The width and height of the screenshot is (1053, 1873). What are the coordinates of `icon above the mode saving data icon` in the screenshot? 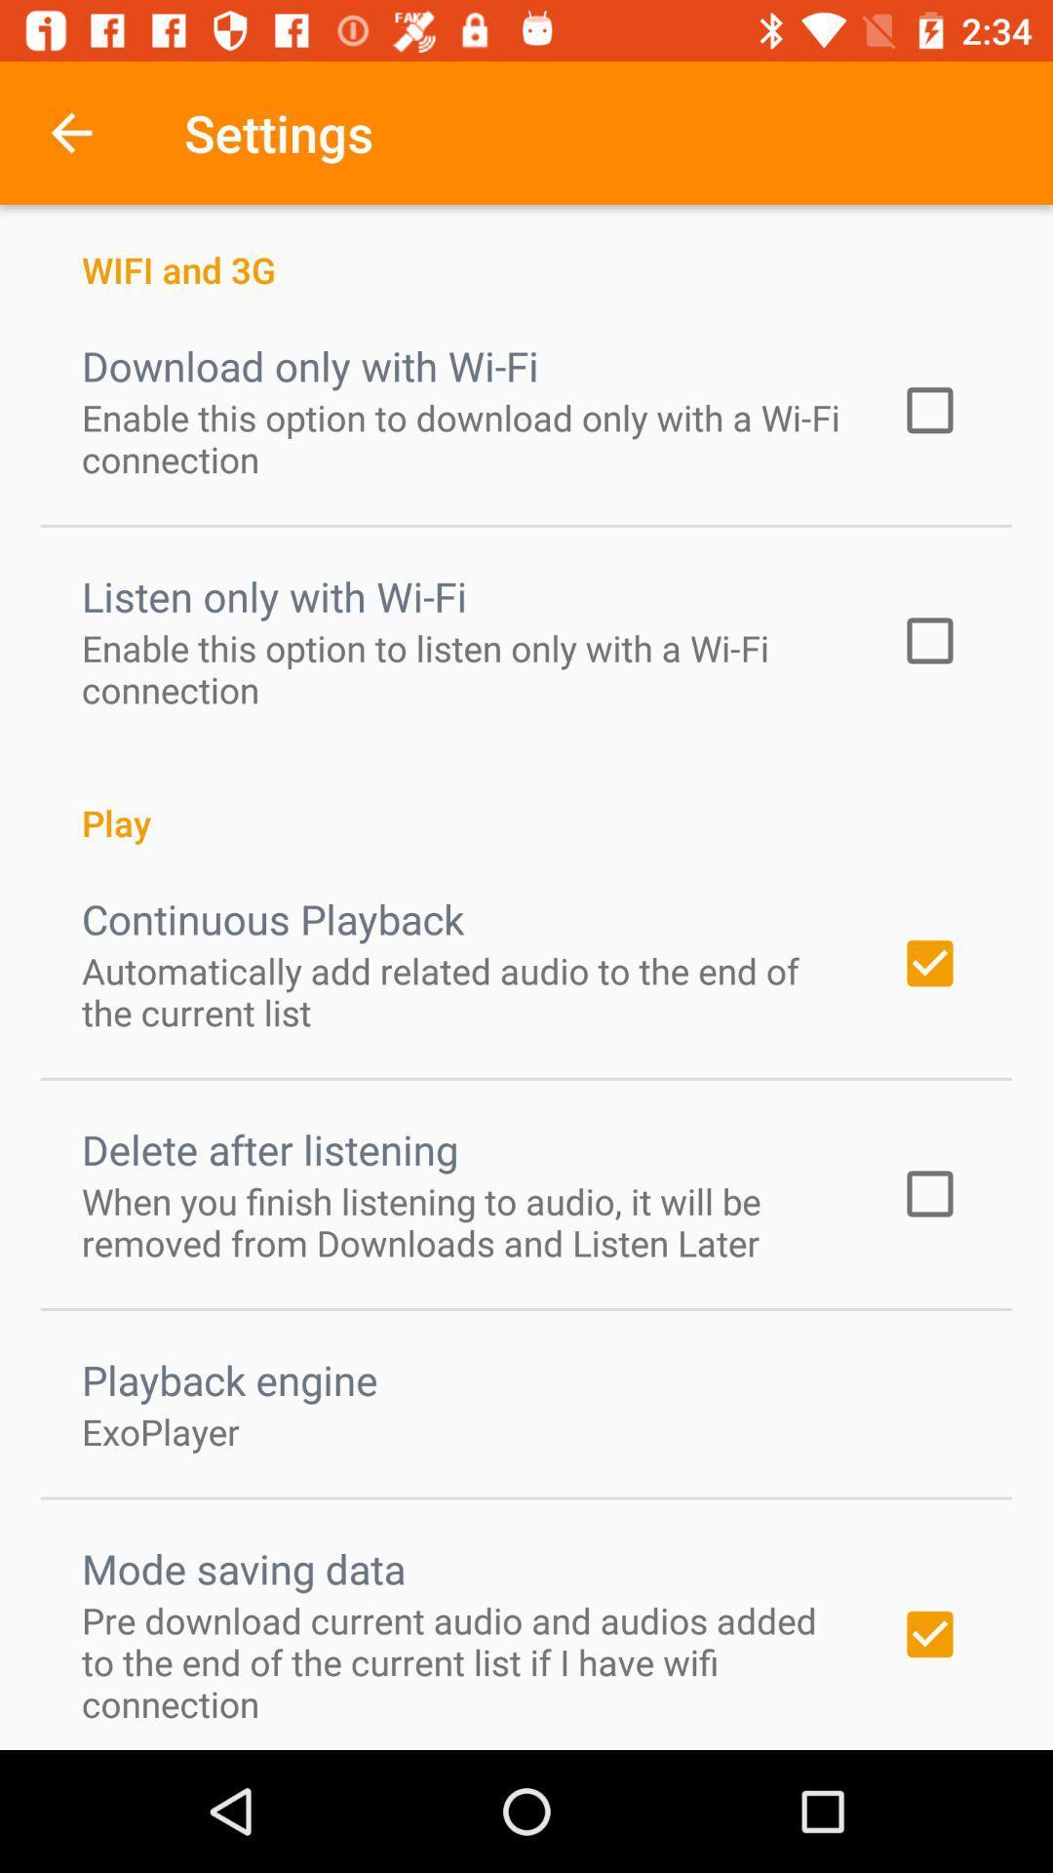 It's located at (160, 1431).